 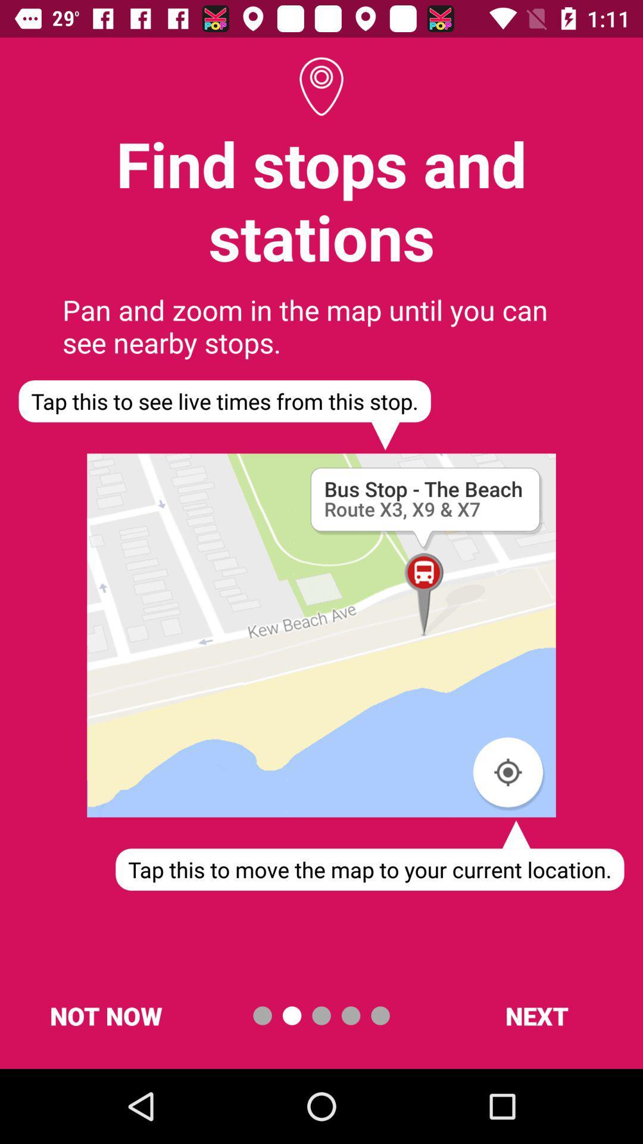 I want to click on the item below tap this to, so click(x=536, y=1015).